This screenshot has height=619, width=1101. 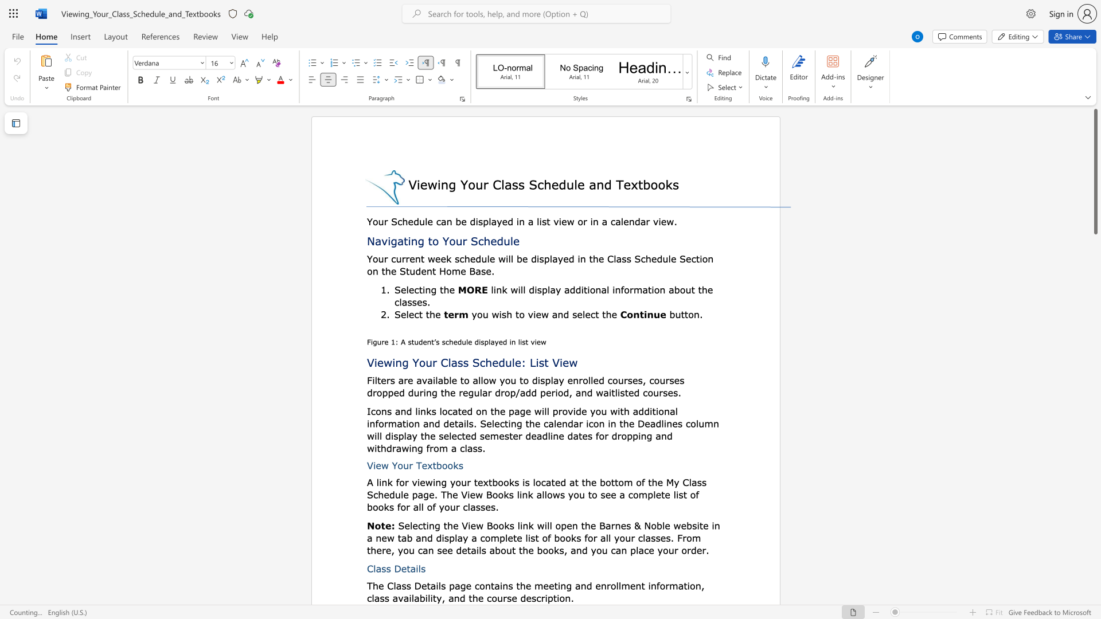 What do you see at coordinates (1095, 406) in the screenshot?
I see `the scrollbar on the right` at bounding box center [1095, 406].